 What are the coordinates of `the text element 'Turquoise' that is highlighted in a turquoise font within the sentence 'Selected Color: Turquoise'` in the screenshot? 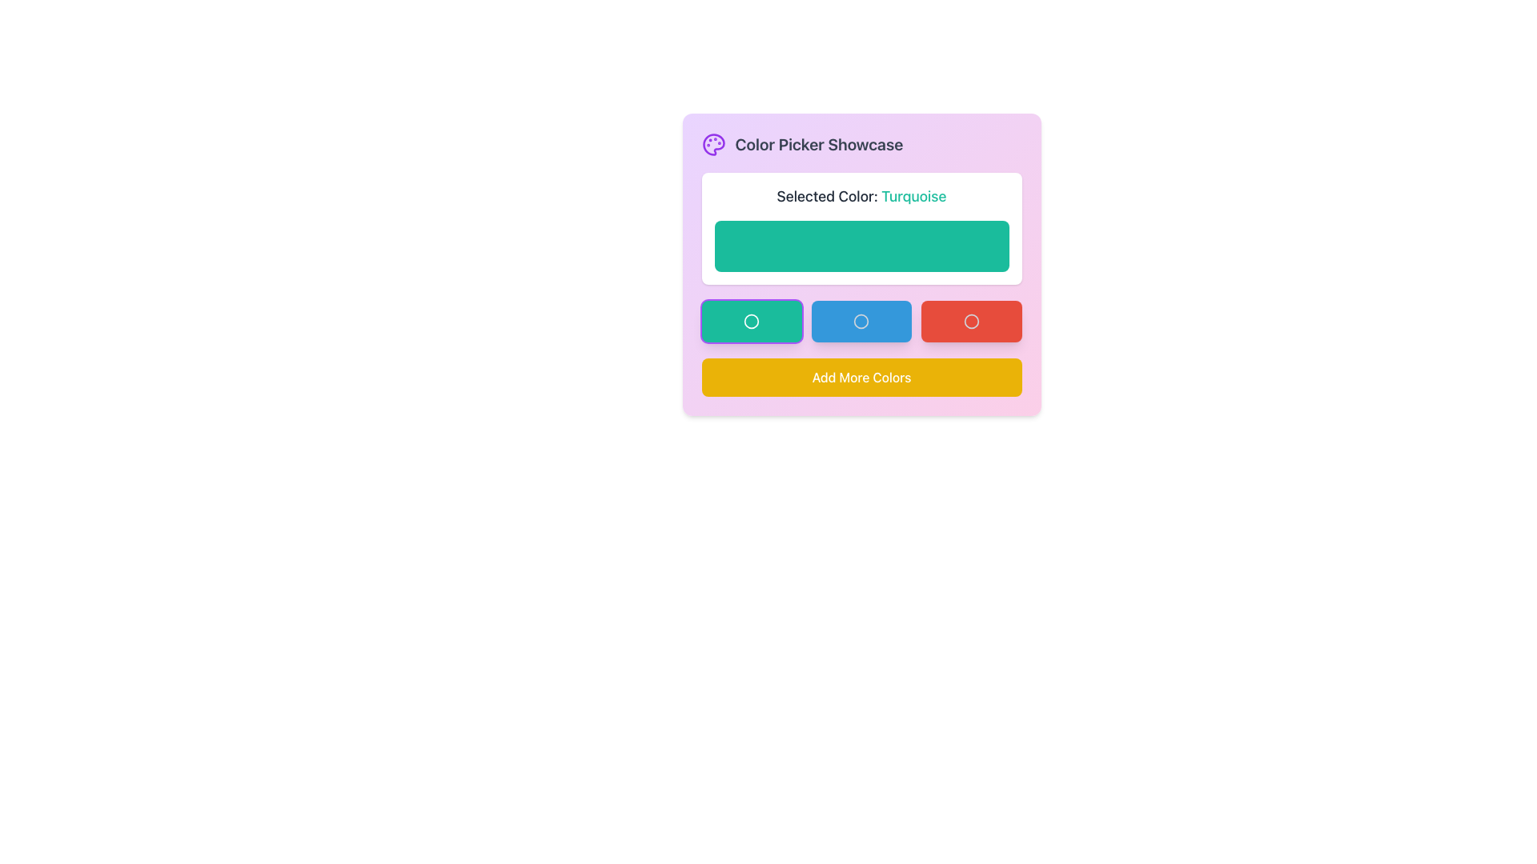 It's located at (913, 195).